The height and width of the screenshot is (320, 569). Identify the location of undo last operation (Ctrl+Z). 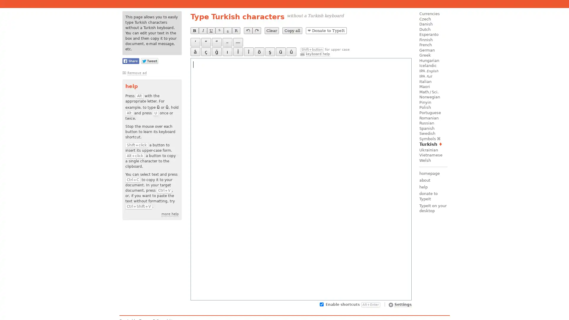
(248, 31).